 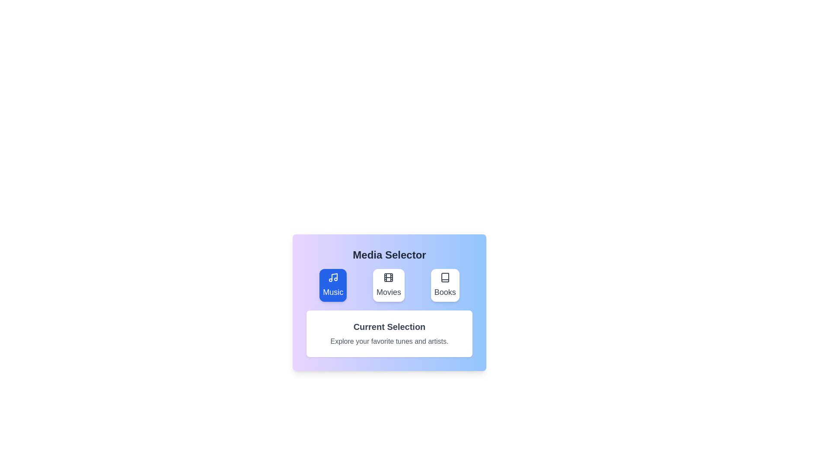 I want to click on the title or heading that introduces the media selection interface, which is positioned above the buttons labeled 'Music', 'Movies', and 'Books', so click(x=389, y=255).